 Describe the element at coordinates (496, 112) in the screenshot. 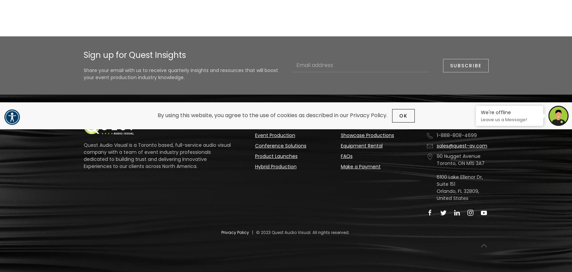

I see `'We're offline'` at that location.